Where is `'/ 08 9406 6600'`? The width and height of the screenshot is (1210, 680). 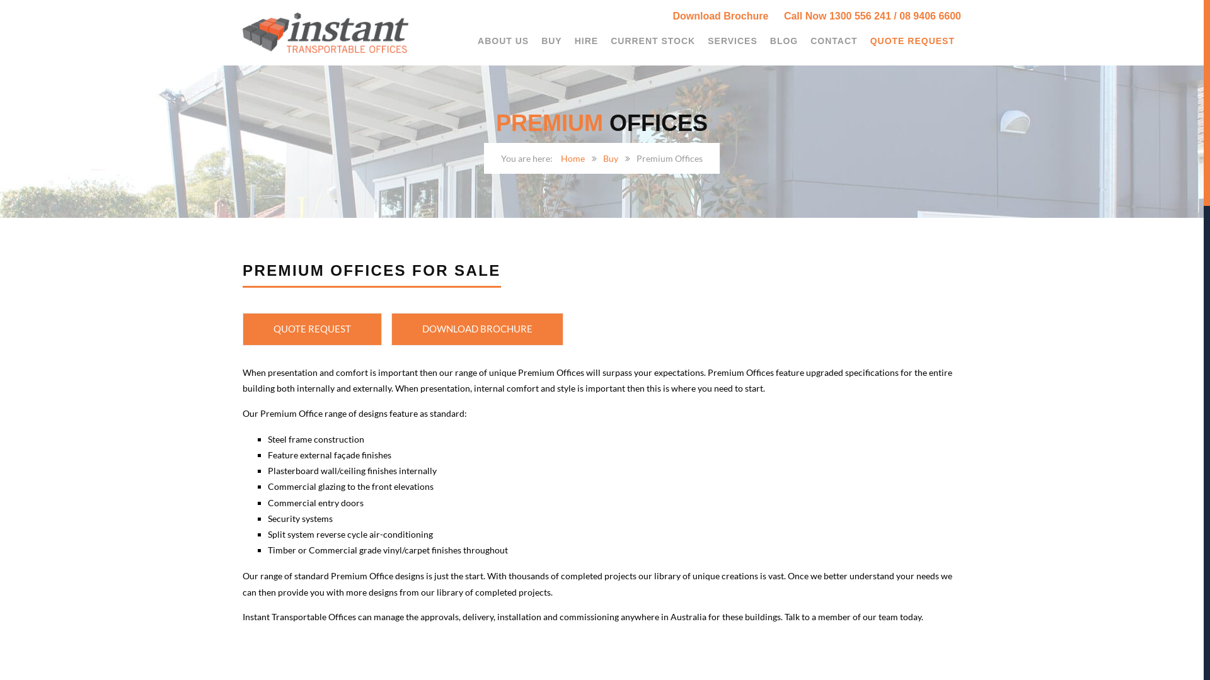
'/ 08 9406 6600' is located at coordinates (927, 16).